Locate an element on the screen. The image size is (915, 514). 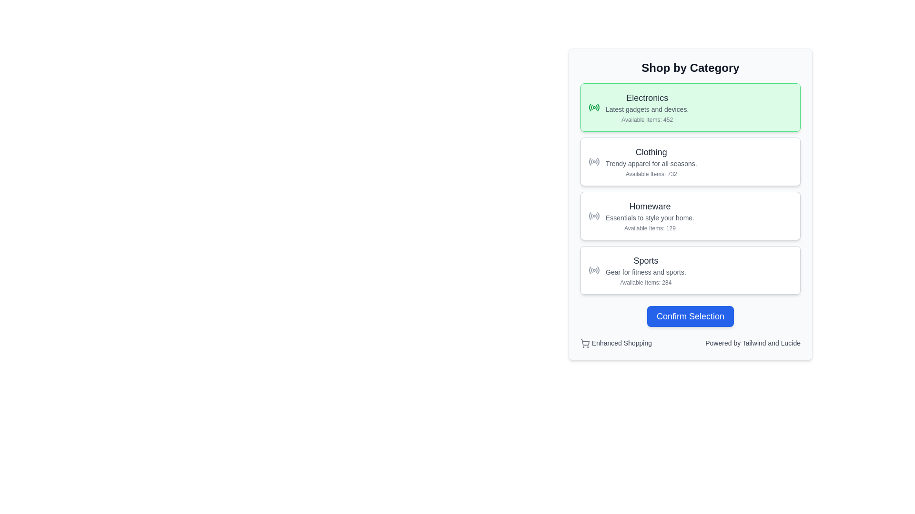
the small circular icon resembling a radio signal, located to the left of the 'Homeware' text in the third item of a vertical list is located at coordinates (594, 216).